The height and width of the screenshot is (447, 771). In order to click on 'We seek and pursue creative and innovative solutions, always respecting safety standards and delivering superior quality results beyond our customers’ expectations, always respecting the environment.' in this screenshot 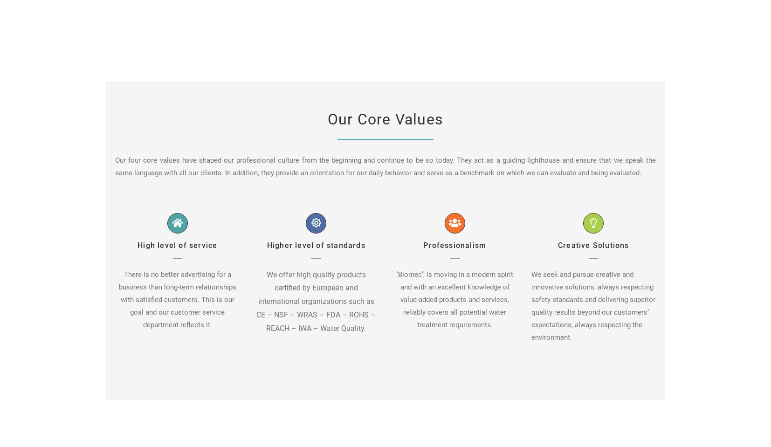, I will do `click(592, 305)`.